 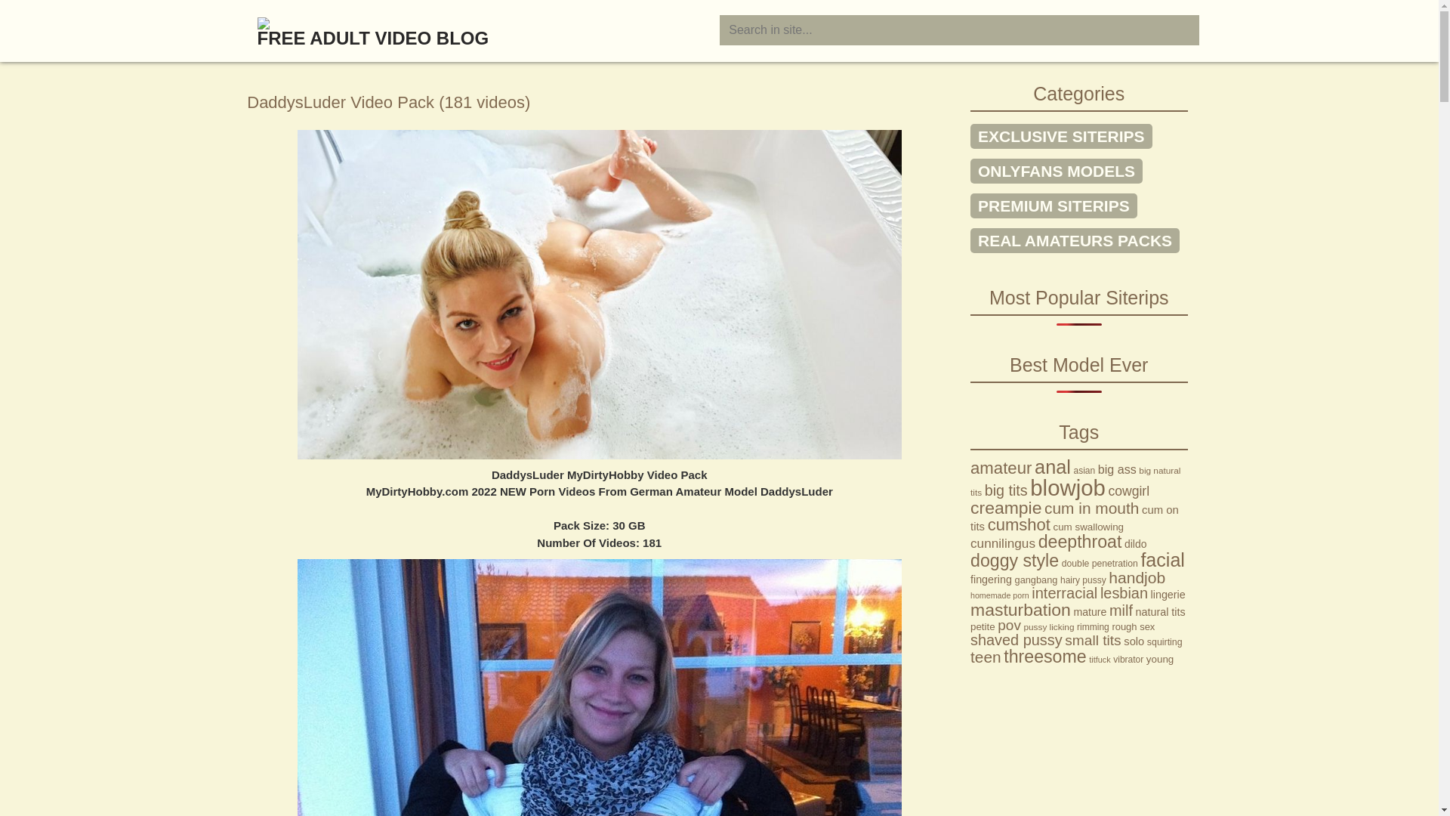 What do you see at coordinates (1074, 240) in the screenshot?
I see `'REAL AMATEURS PACKS'` at bounding box center [1074, 240].